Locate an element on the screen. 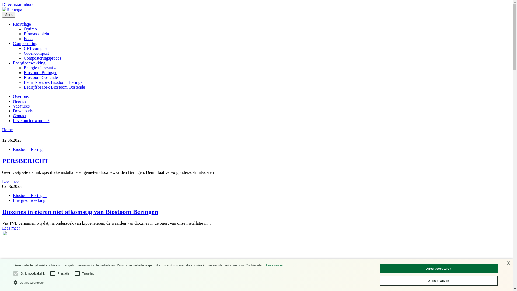  'Bedrijfsbezoek Biostoom Beringen' is located at coordinates (54, 82).